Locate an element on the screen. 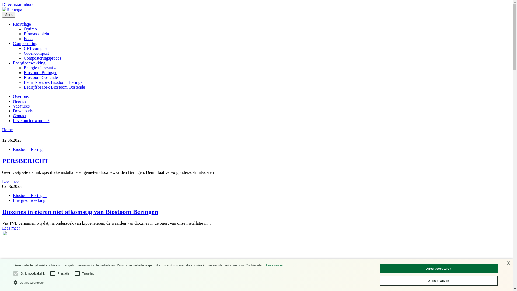  'Bedrijfsbezoek Biostoom Beringen' is located at coordinates (54, 82).